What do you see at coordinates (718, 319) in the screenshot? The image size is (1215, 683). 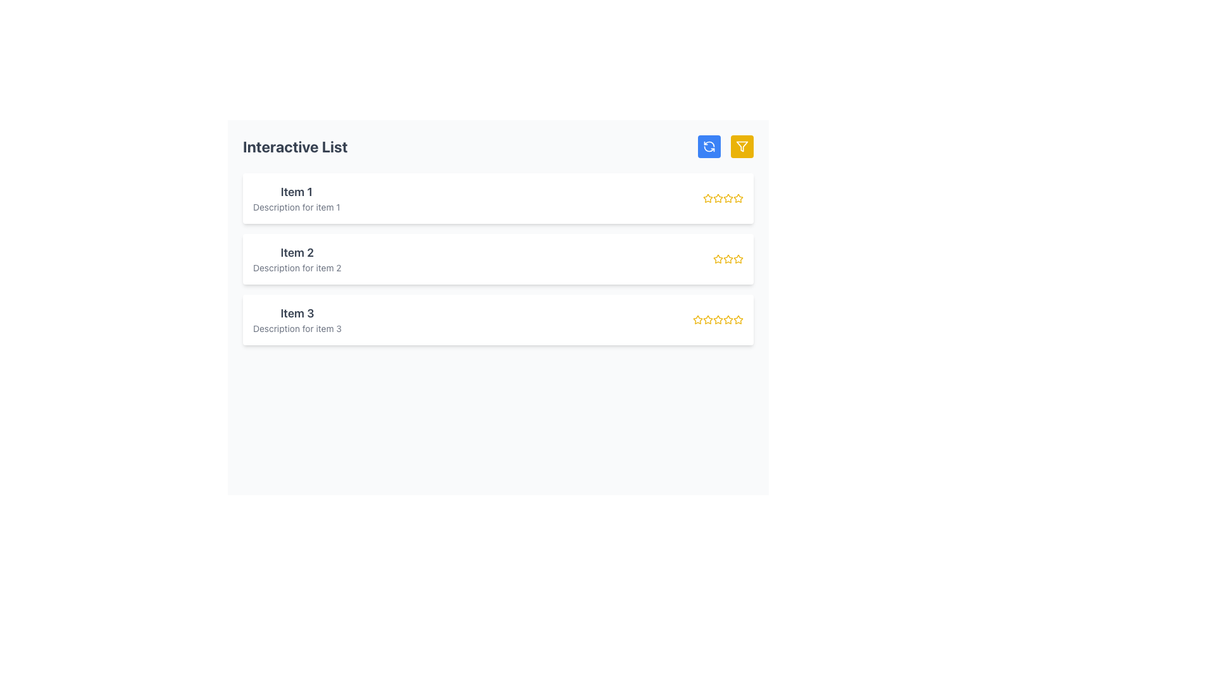 I see `the third yellow star icon` at bounding box center [718, 319].